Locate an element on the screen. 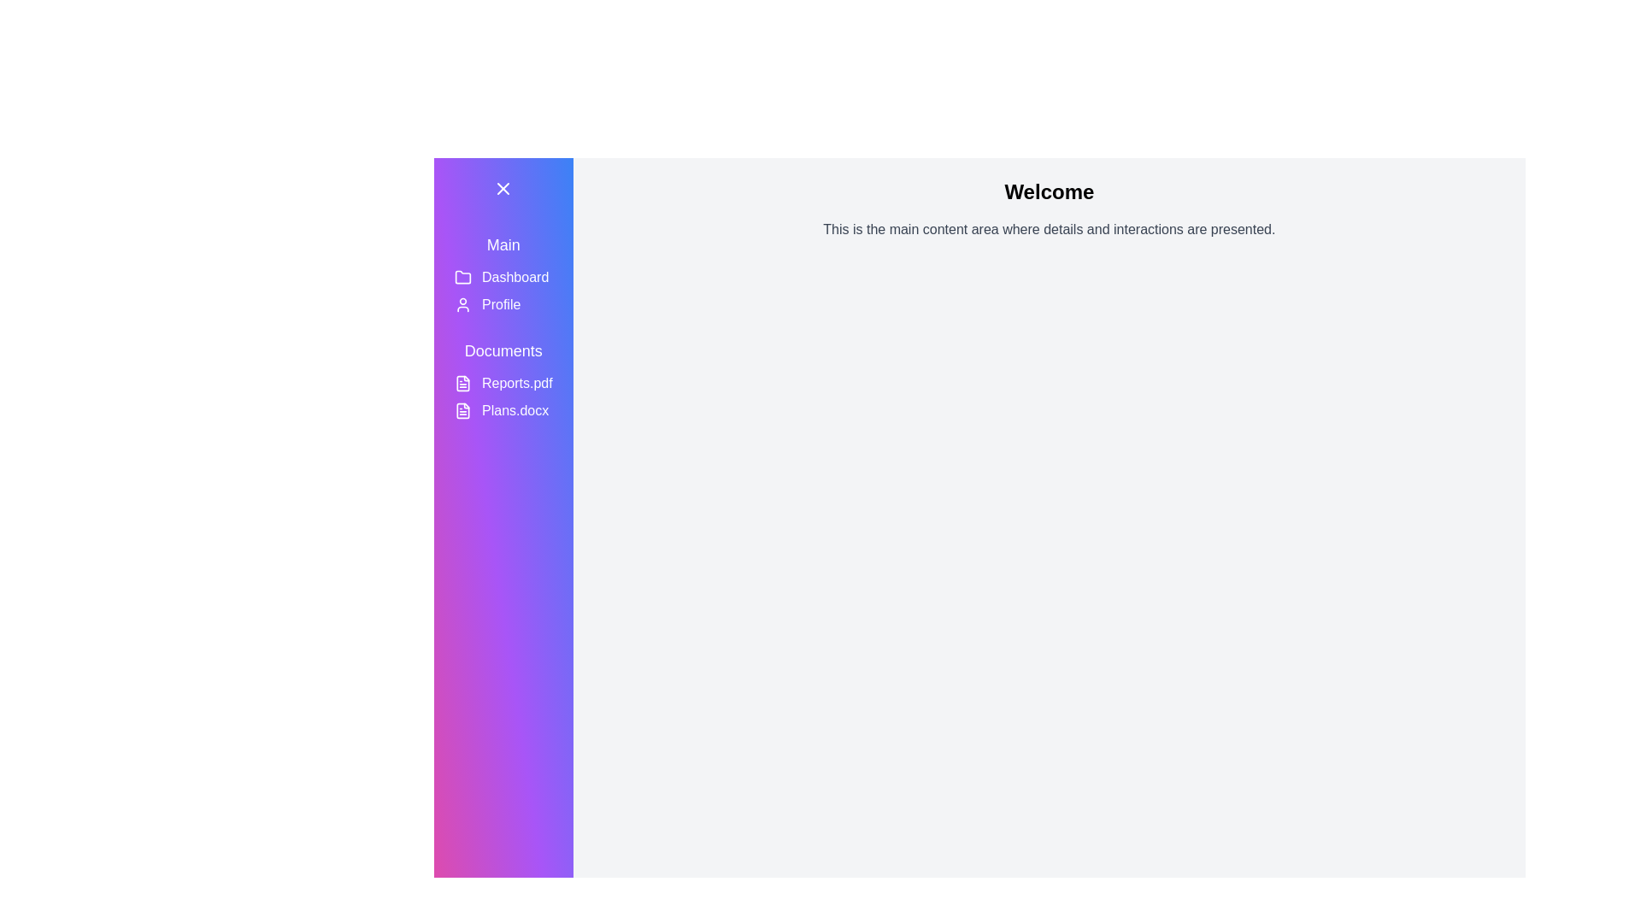 This screenshot has width=1641, height=923. the File icon located in the left sidebar under the 'Documents' section, which is adjacent to the 'Reports.pdf' label is located at coordinates (463, 382).